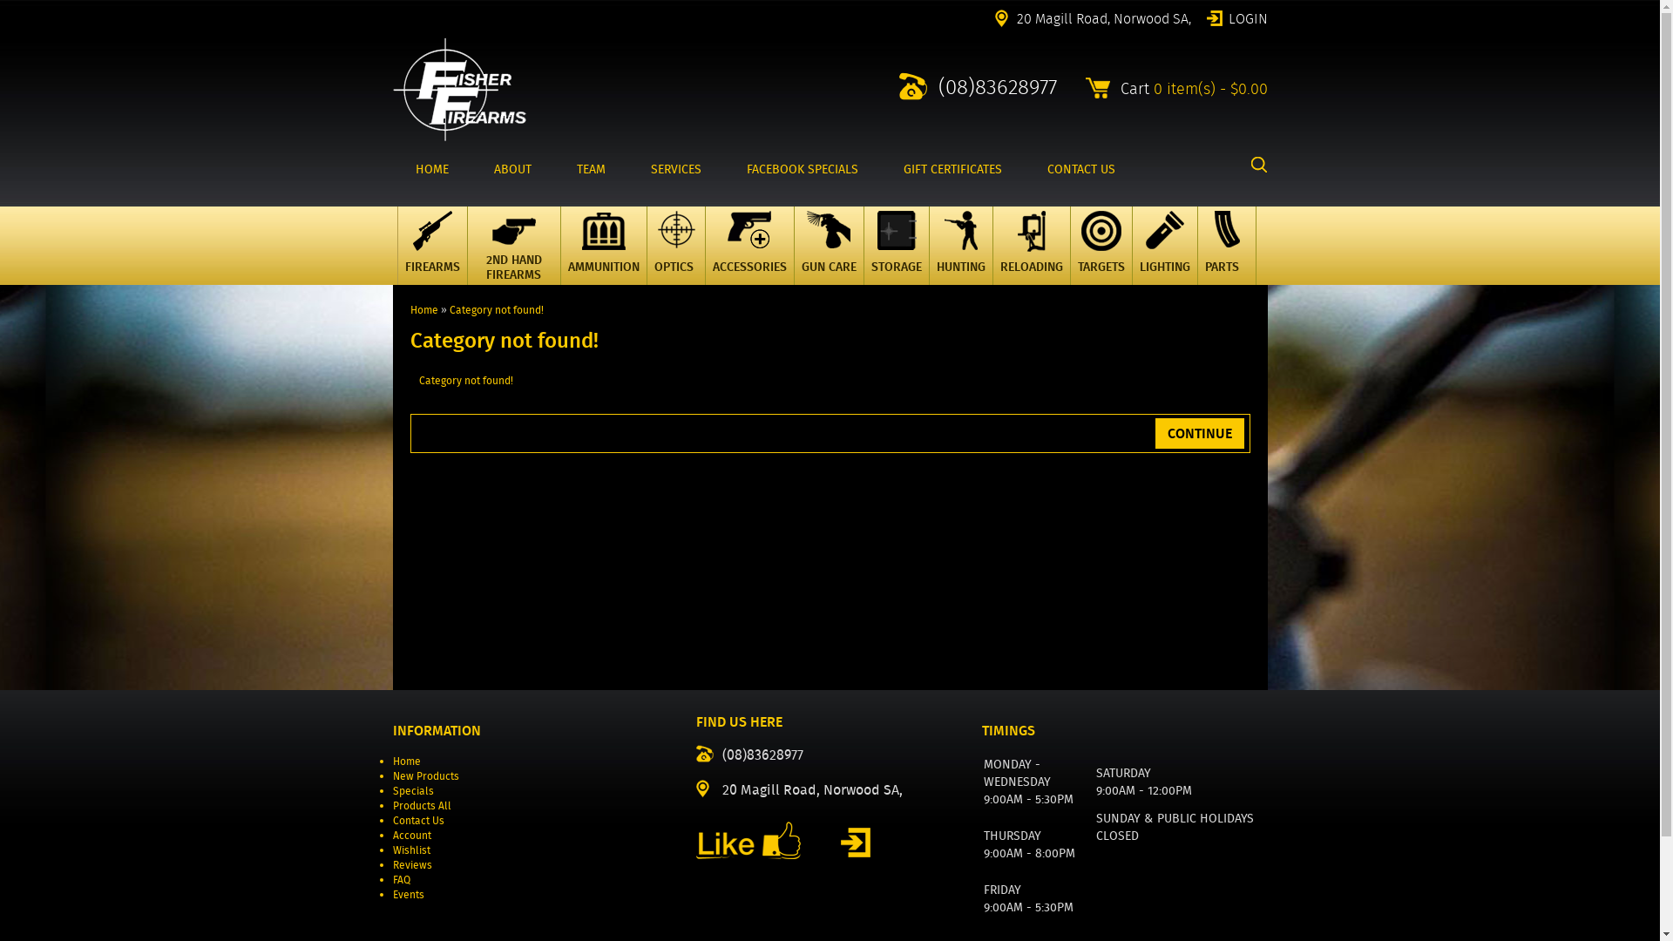  Describe the element at coordinates (674, 256) in the screenshot. I see `'Optics'` at that location.